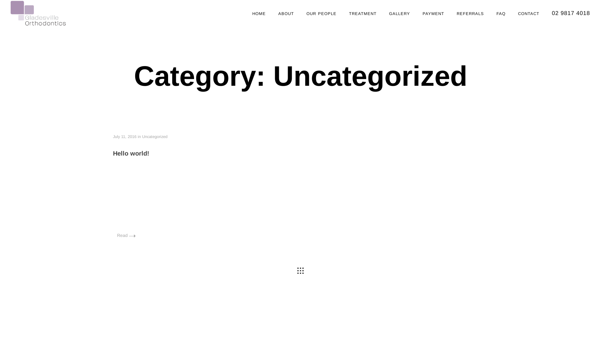 This screenshot has width=601, height=338. Describe the element at coordinates (285, 13) in the screenshot. I see `'about'` at that location.